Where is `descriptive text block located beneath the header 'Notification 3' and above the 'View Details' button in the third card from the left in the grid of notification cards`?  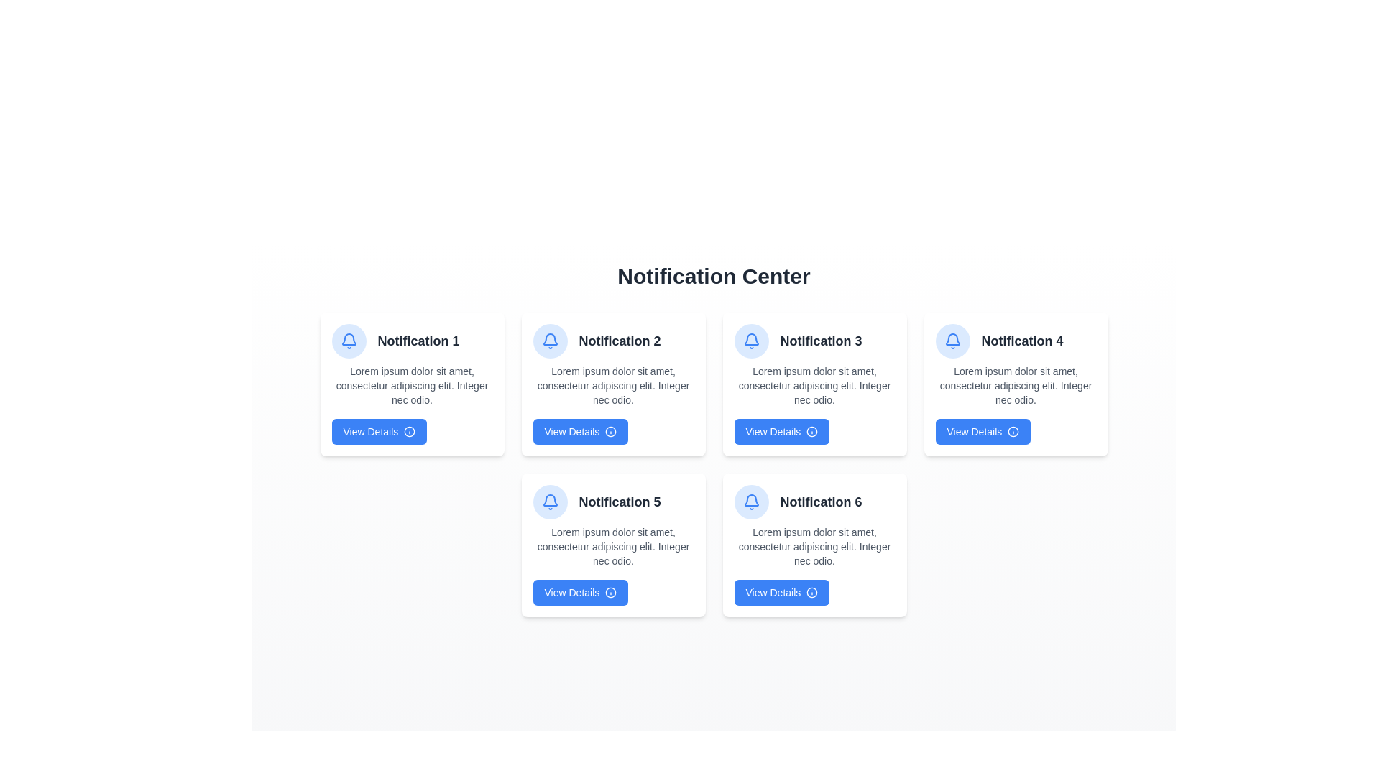
descriptive text block located beneath the header 'Notification 3' and above the 'View Details' button in the third card from the left in the grid of notification cards is located at coordinates (814, 384).